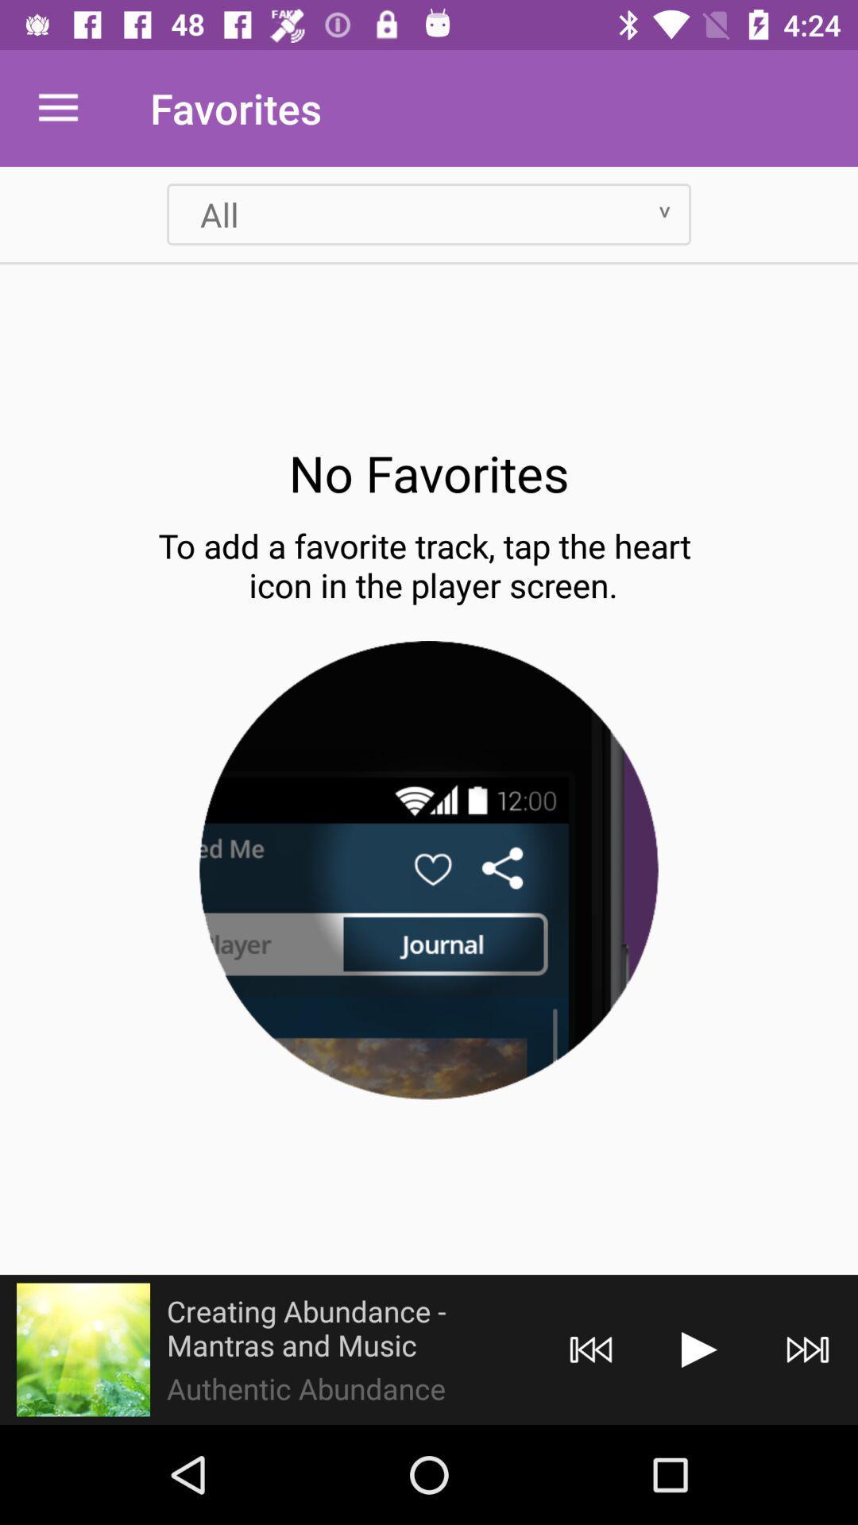 This screenshot has width=858, height=1525. Describe the element at coordinates (808, 1349) in the screenshot. I see `skip forwards` at that location.